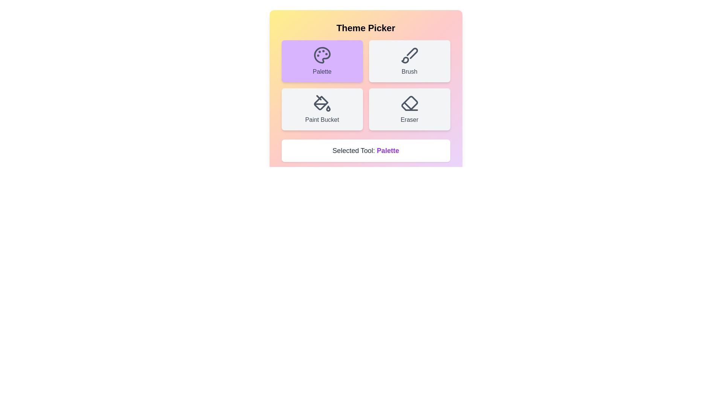  I want to click on the tool button labeled Paint Bucket to observe visual feedback, so click(322, 109).